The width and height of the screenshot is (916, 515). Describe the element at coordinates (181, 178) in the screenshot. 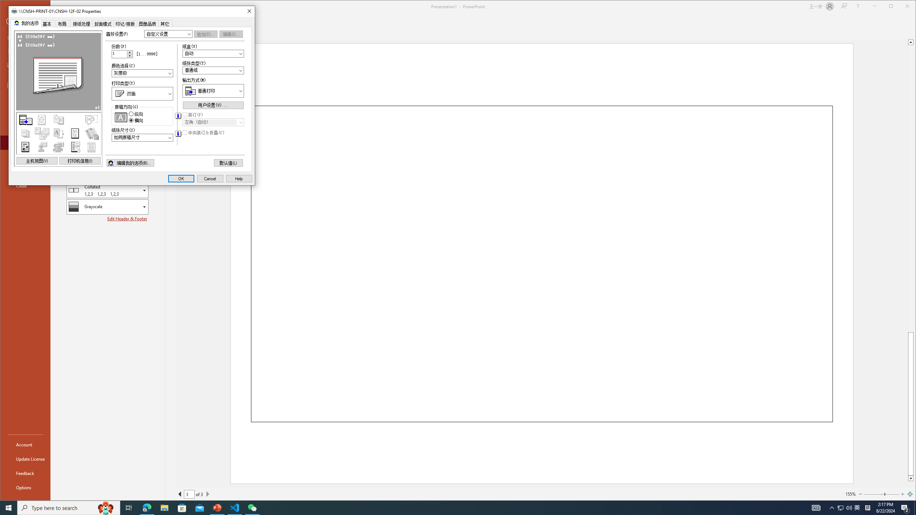

I see `'OK'` at that location.